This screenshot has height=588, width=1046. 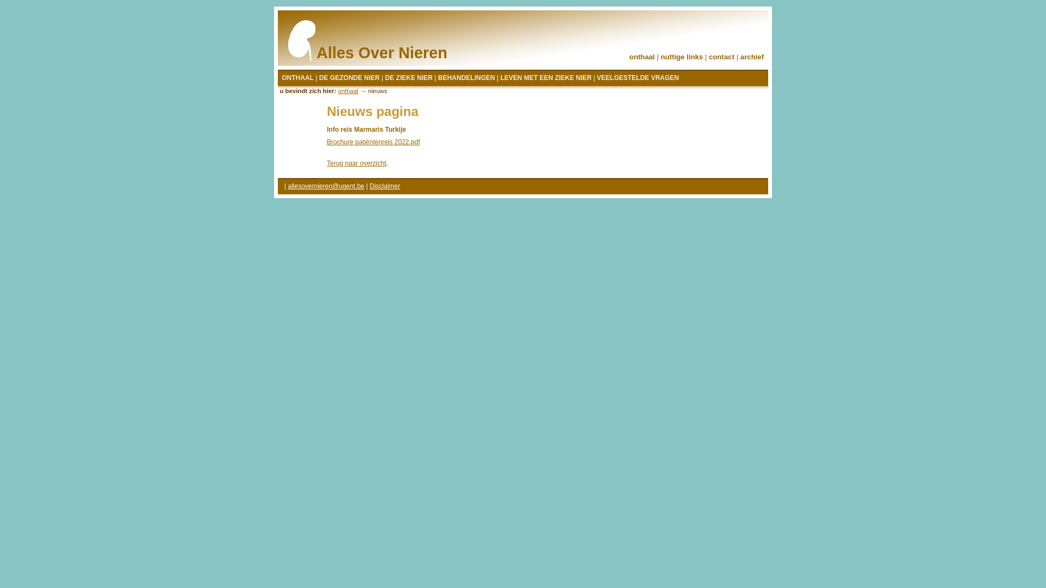 What do you see at coordinates (708, 57) in the screenshot?
I see `'contact'` at bounding box center [708, 57].